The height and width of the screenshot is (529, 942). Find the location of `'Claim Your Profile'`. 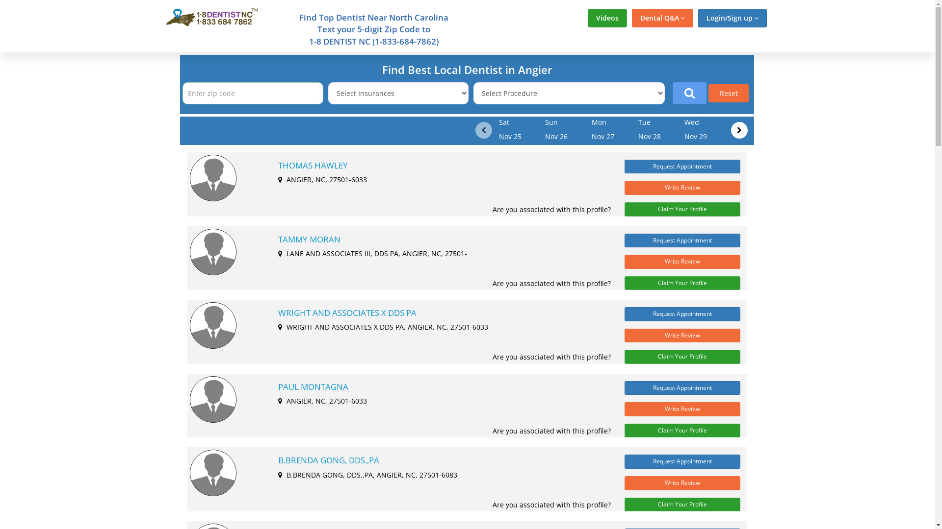

'Claim Your Profile' is located at coordinates (682, 209).